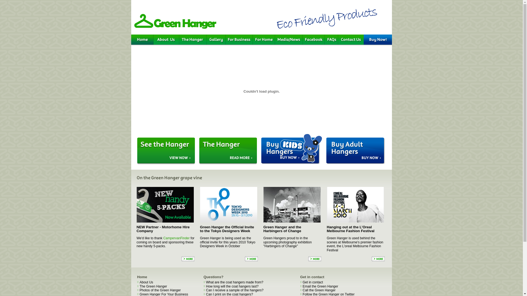  What do you see at coordinates (192, 39) in the screenshot?
I see `'The Hanger'` at bounding box center [192, 39].